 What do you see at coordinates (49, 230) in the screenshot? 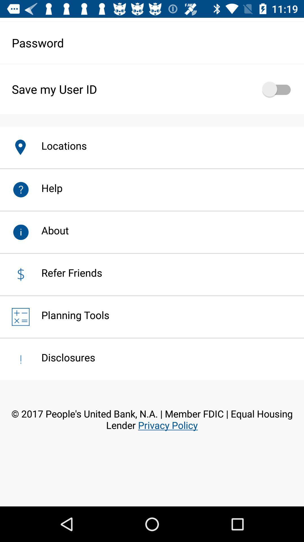
I see `about item` at bounding box center [49, 230].